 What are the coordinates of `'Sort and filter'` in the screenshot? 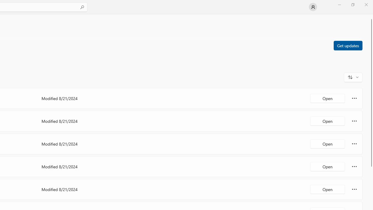 It's located at (353, 77).